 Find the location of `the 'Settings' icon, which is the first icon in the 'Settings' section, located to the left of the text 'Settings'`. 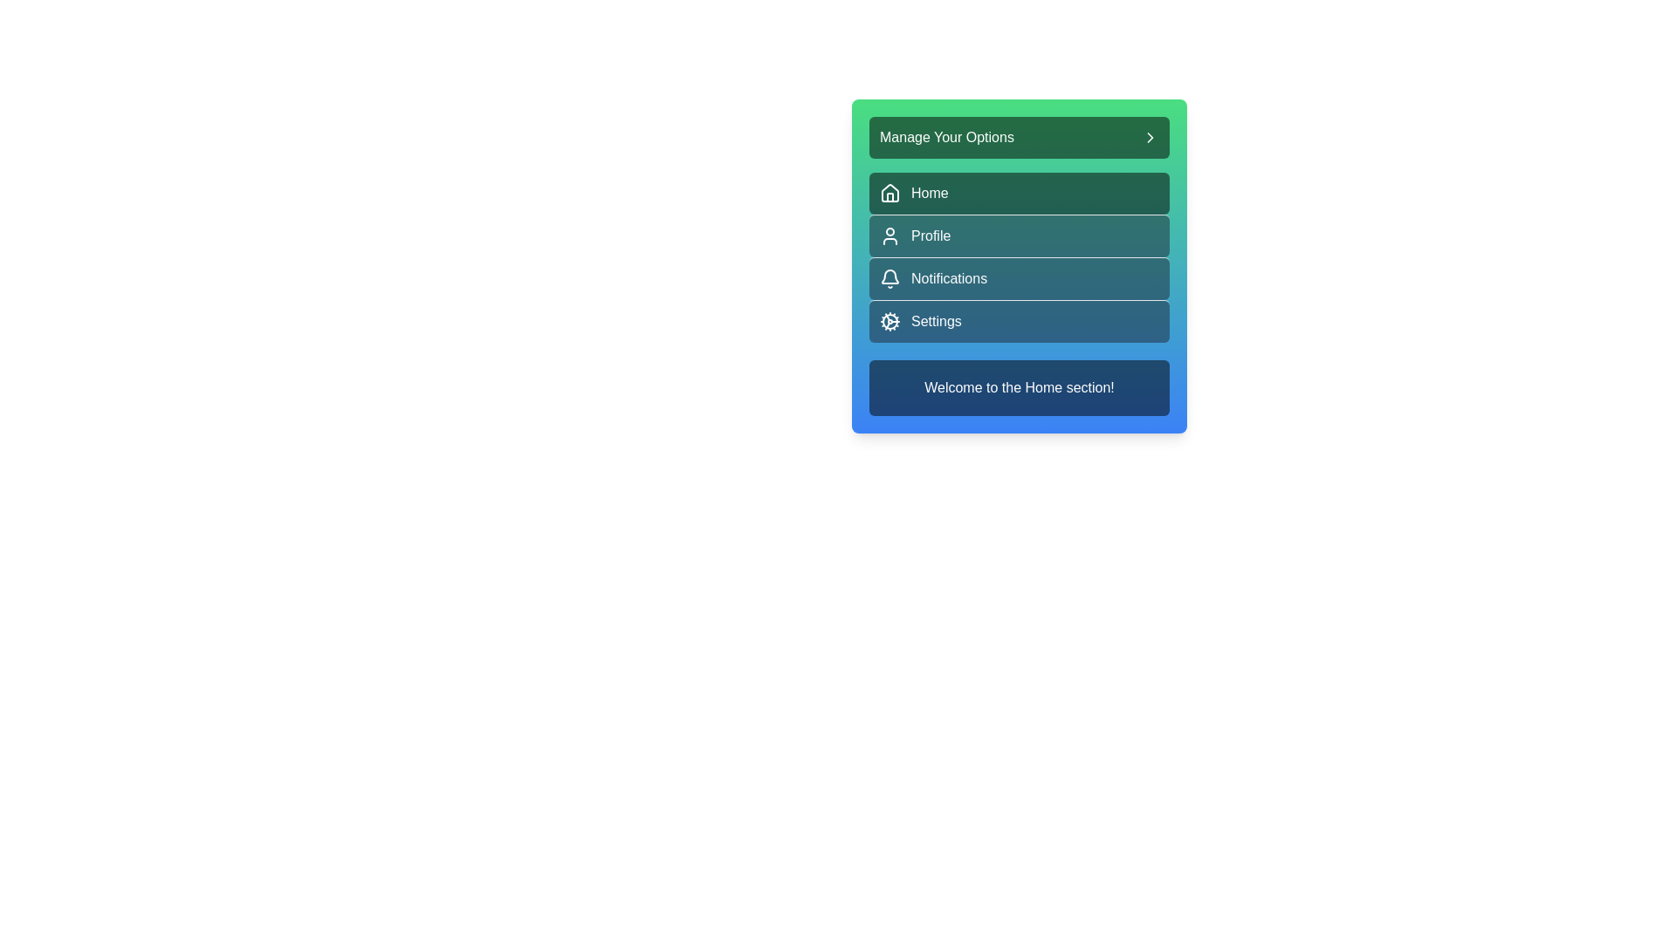

the 'Settings' icon, which is the first icon in the 'Settings' section, located to the left of the text 'Settings' is located at coordinates (890, 322).